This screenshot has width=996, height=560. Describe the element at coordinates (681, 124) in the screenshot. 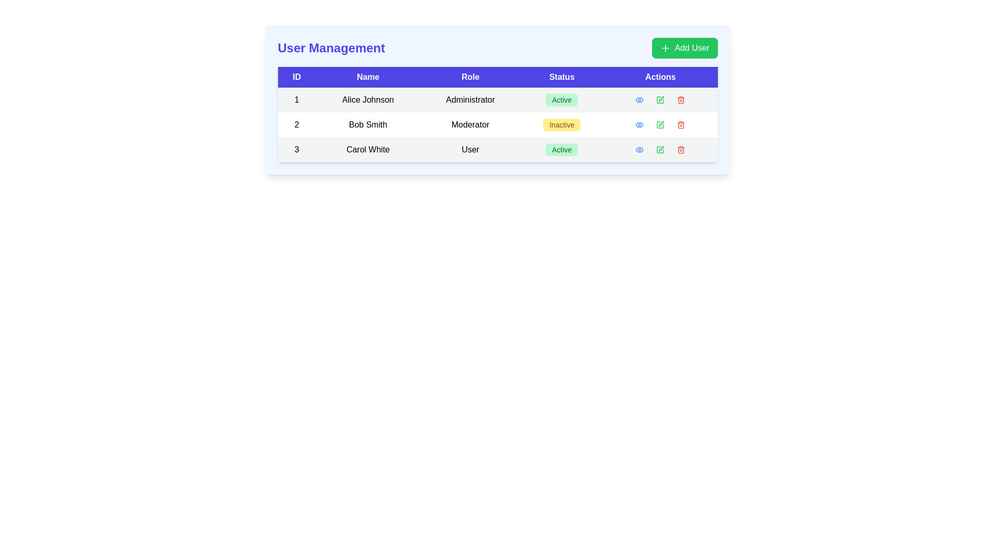

I see `the trash bin icon button in the actions cell of the second row in the user management interface to bring focus` at that location.